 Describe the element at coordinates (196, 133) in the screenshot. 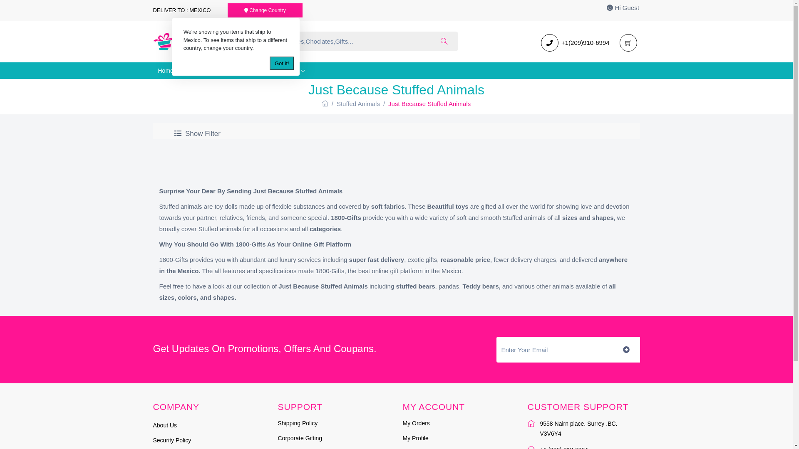

I see `'  Show Filter'` at that location.